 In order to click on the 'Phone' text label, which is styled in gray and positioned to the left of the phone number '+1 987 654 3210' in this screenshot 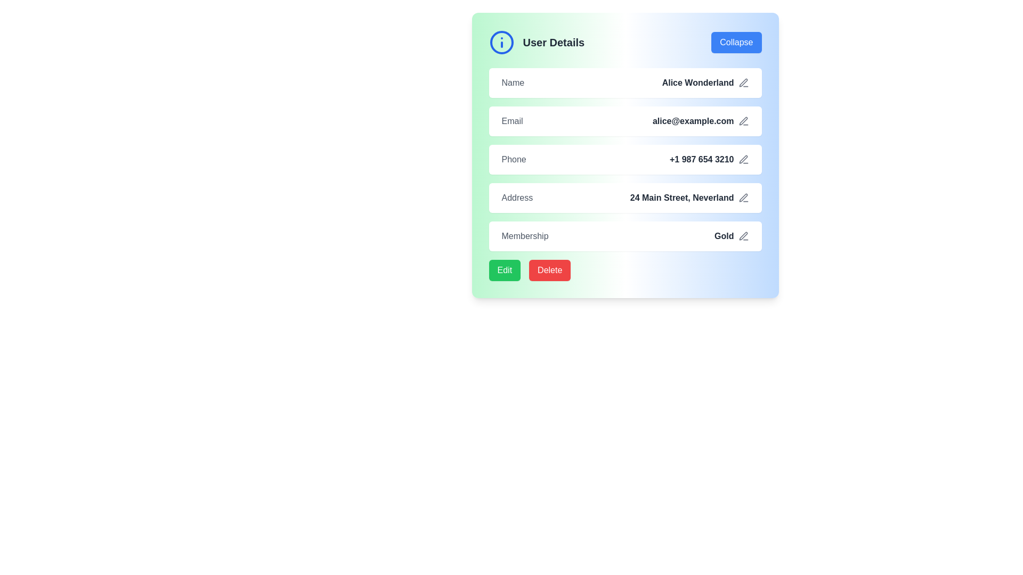, I will do `click(514, 160)`.